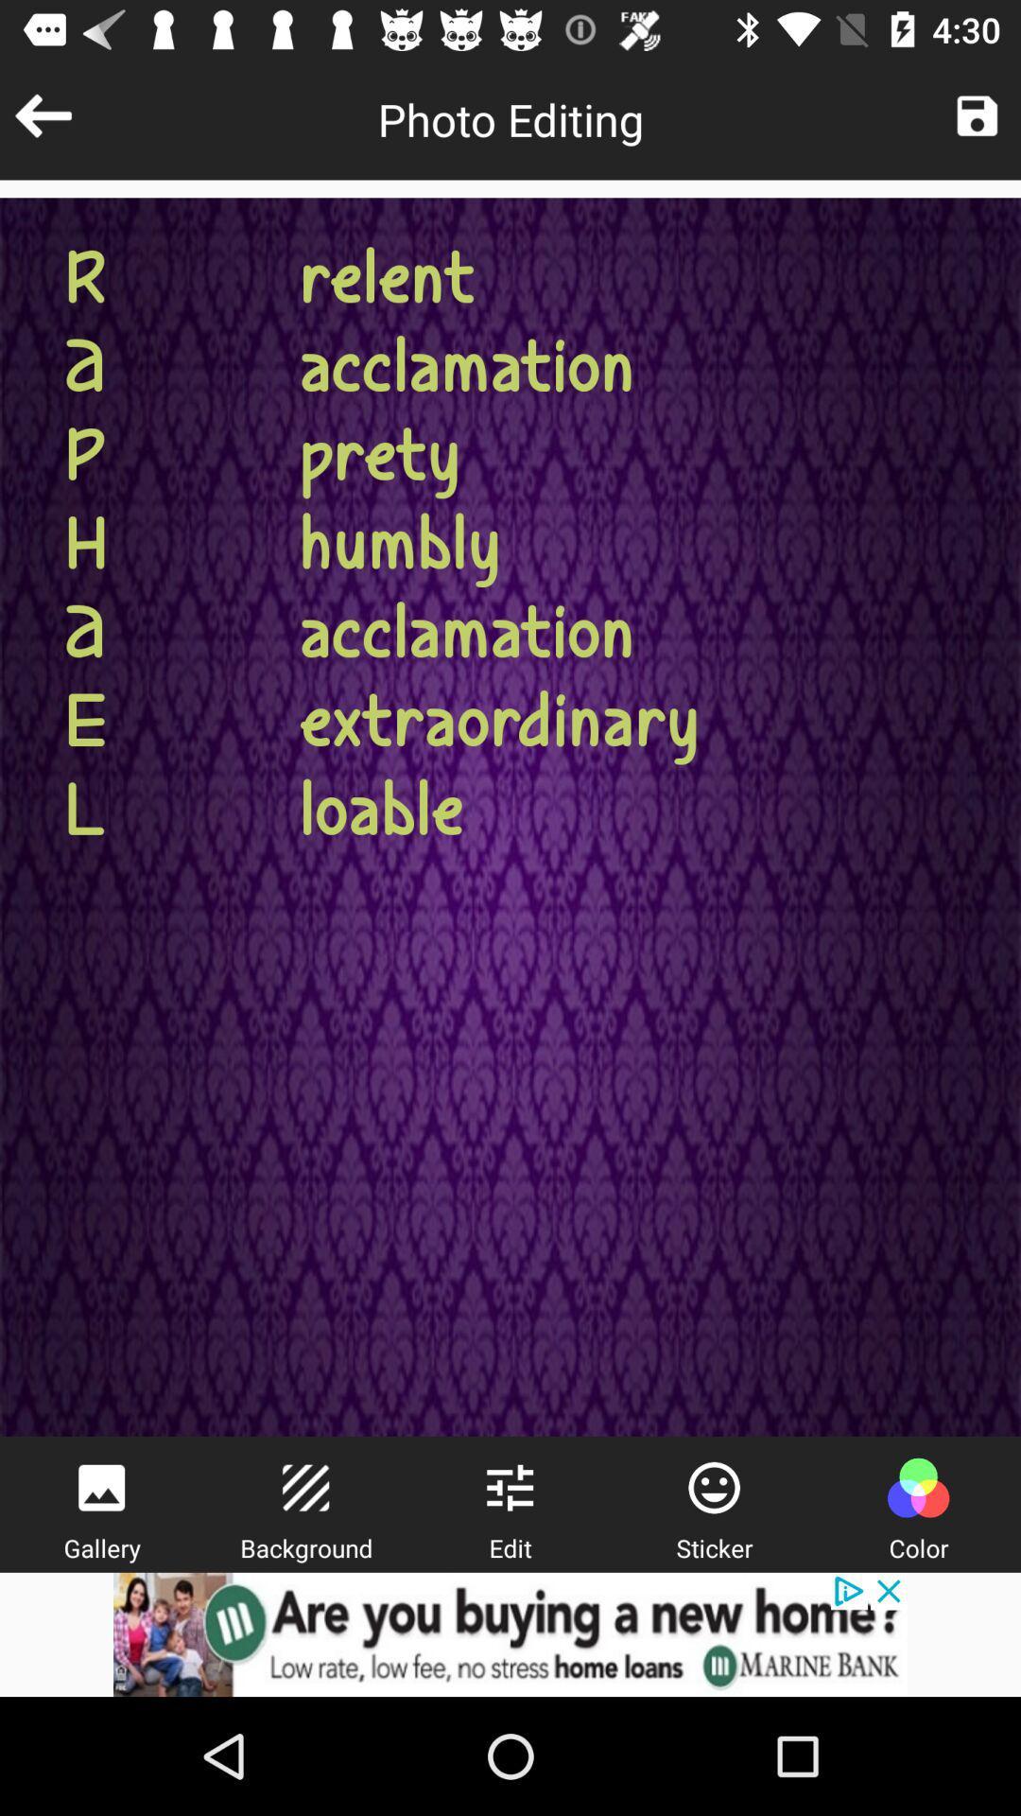  Describe the element at coordinates (101, 1487) in the screenshot. I see `open gallery` at that location.